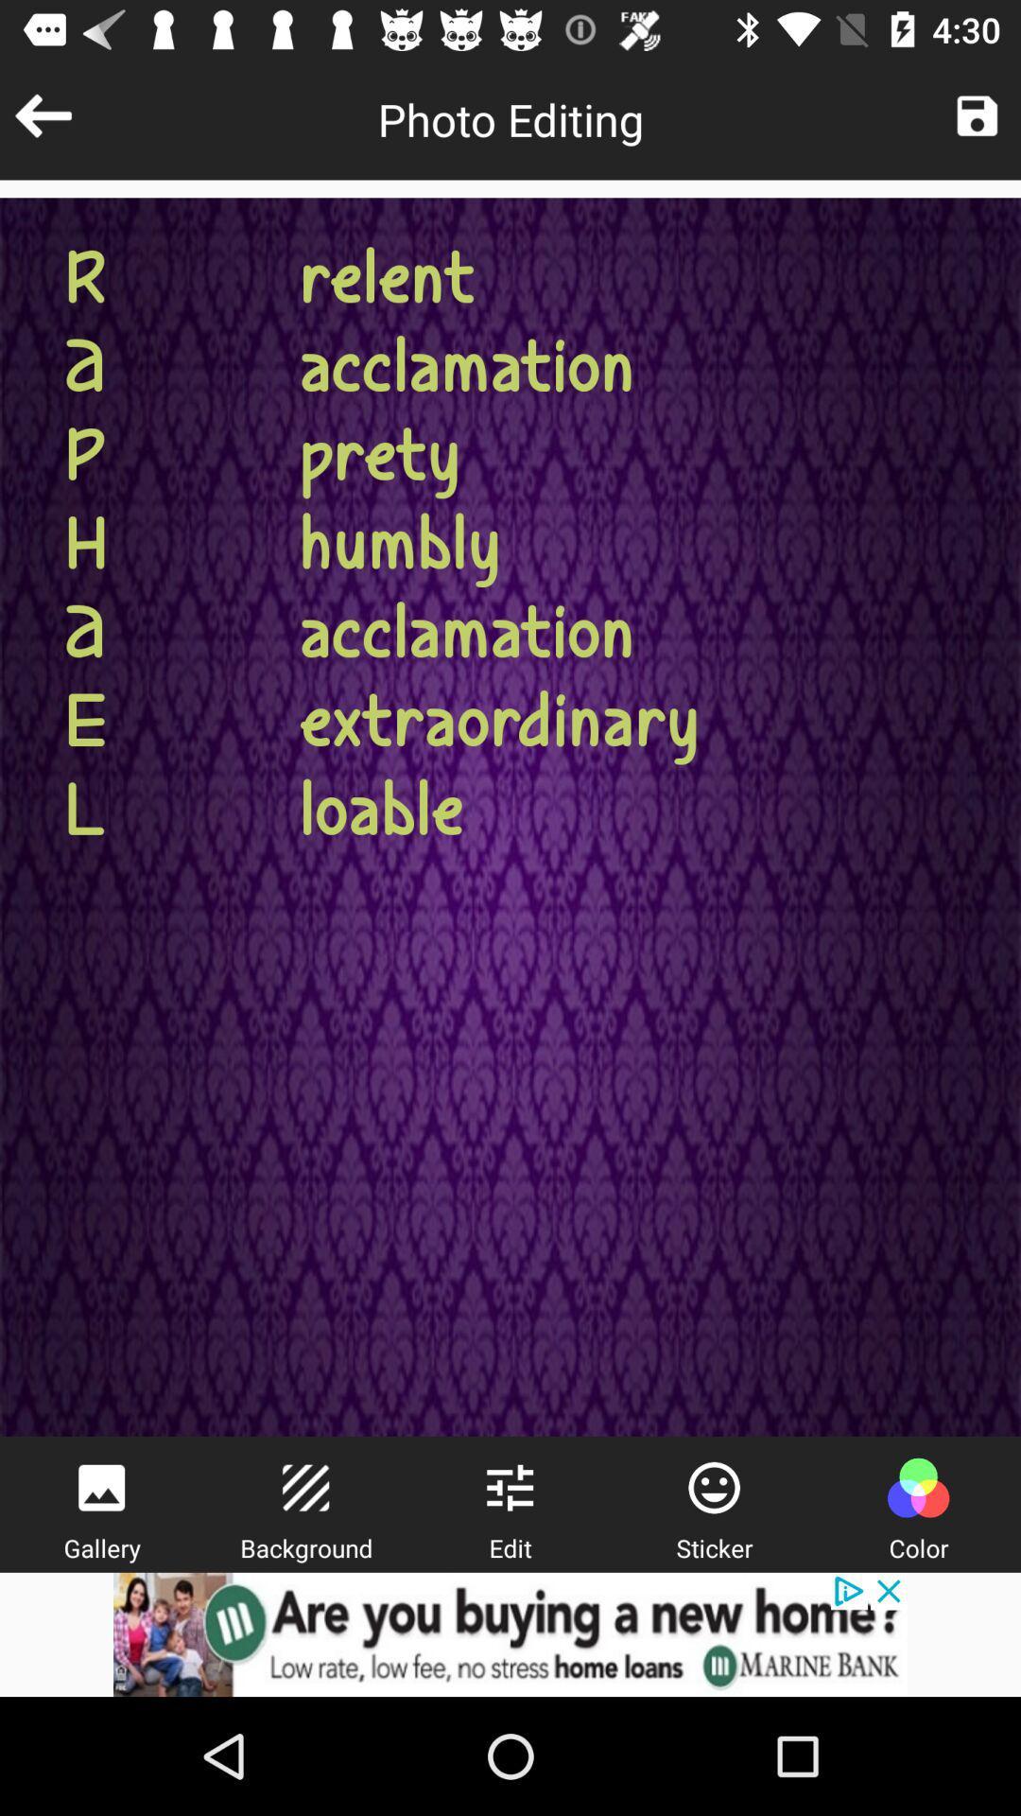  Describe the element at coordinates (101, 1487) in the screenshot. I see `open gallery` at that location.